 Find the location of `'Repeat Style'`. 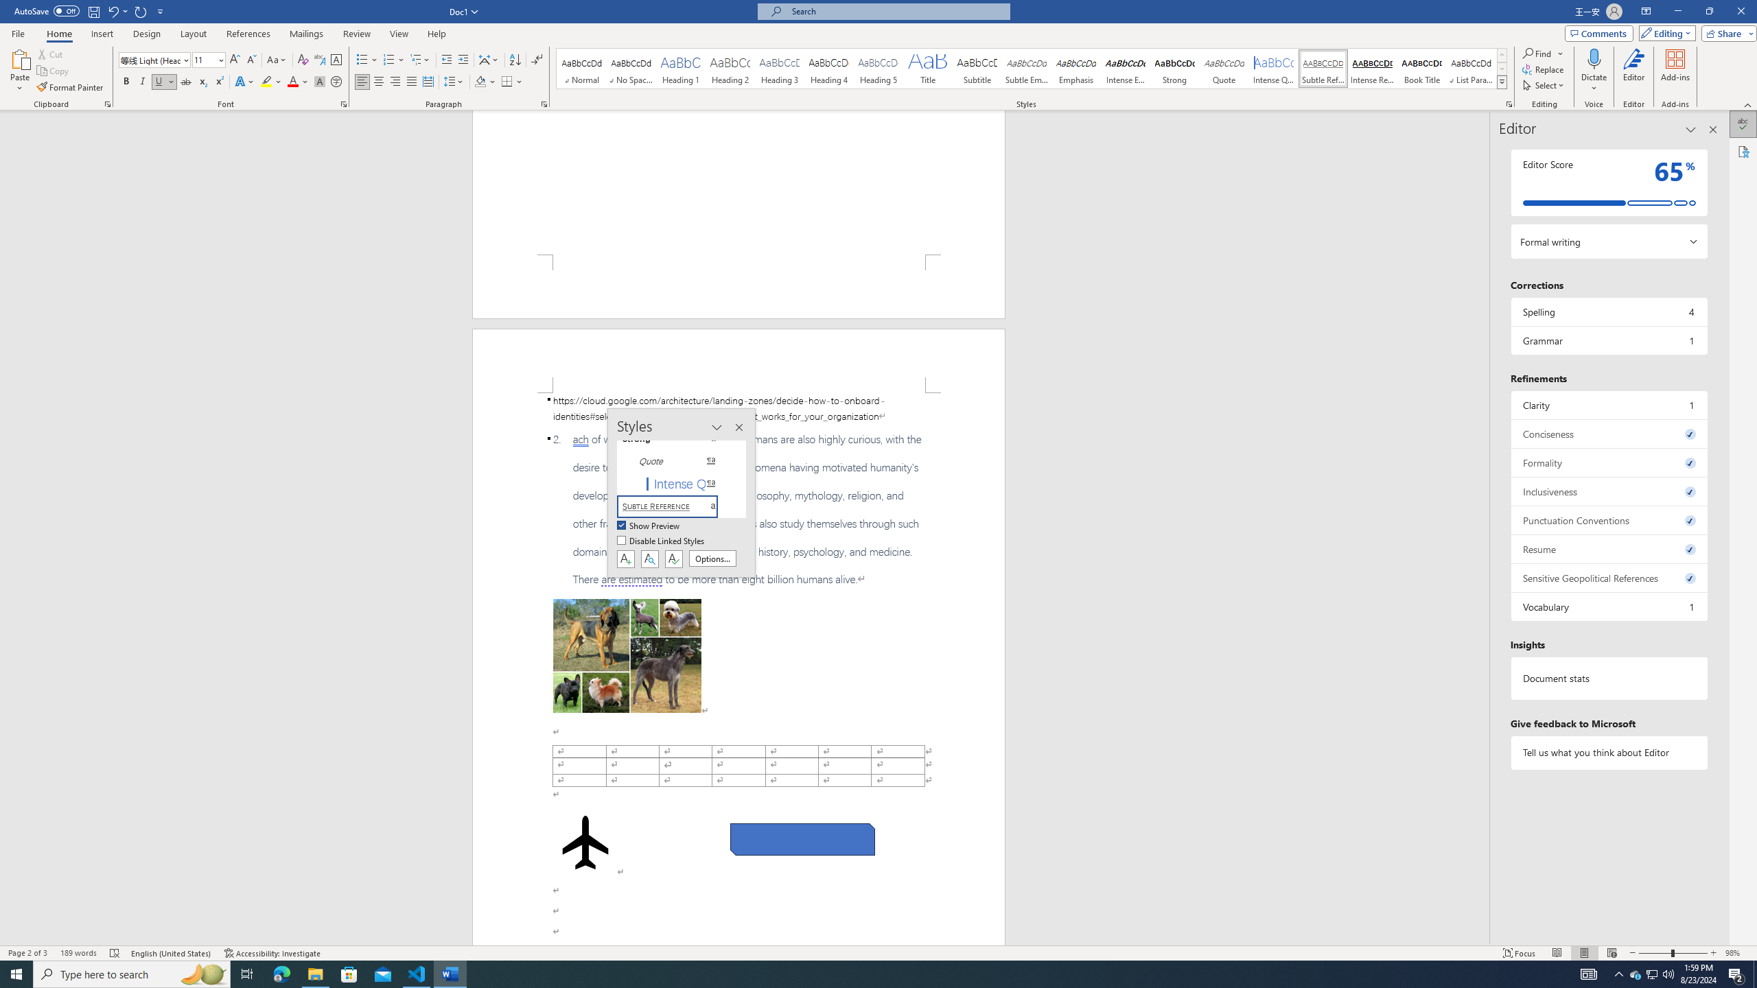

'Repeat Style' is located at coordinates (141, 10).